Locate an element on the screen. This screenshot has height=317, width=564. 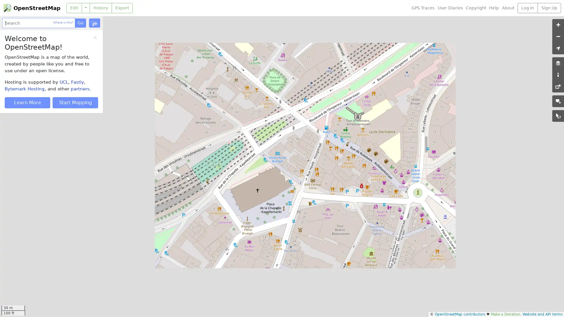
Go is located at coordinates (80, 23).